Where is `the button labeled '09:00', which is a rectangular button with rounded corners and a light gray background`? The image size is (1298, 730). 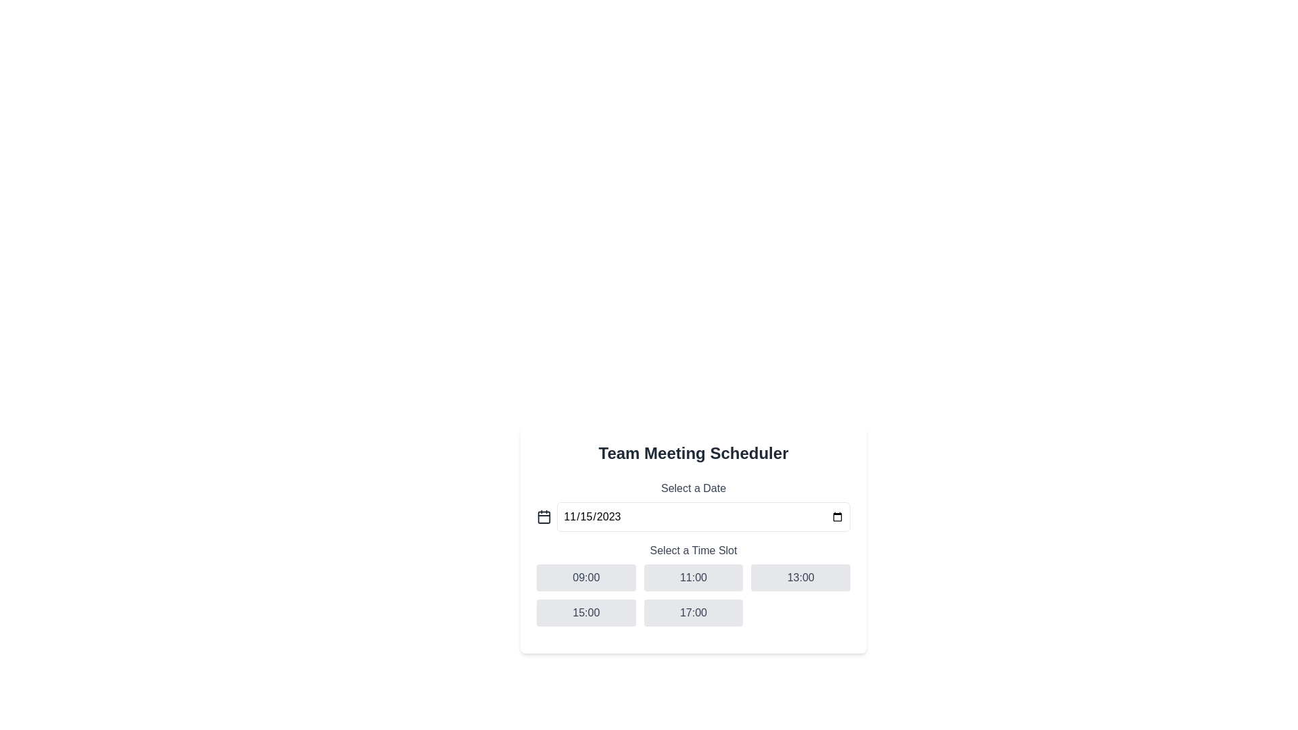
the button labeled '09:00', which is a rectangular button with rounded corners and a light gray background is located at coordinates (586, 578).